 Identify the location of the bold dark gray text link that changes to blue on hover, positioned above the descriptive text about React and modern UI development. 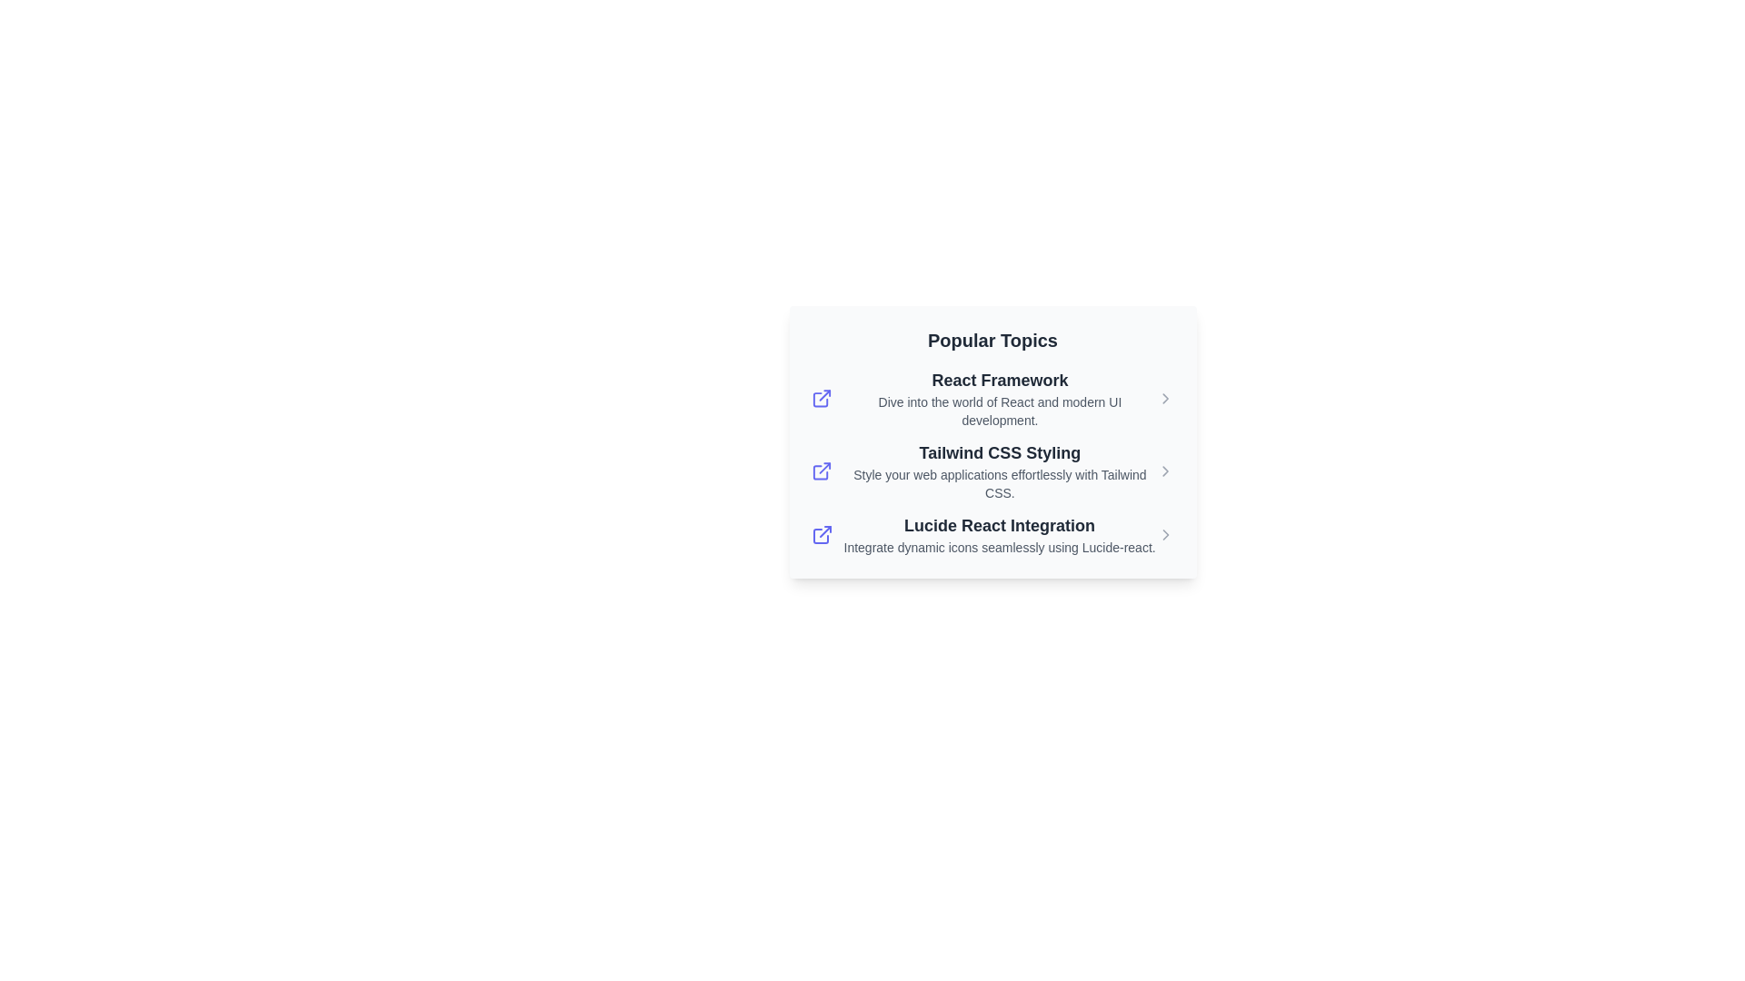
(999, 380).